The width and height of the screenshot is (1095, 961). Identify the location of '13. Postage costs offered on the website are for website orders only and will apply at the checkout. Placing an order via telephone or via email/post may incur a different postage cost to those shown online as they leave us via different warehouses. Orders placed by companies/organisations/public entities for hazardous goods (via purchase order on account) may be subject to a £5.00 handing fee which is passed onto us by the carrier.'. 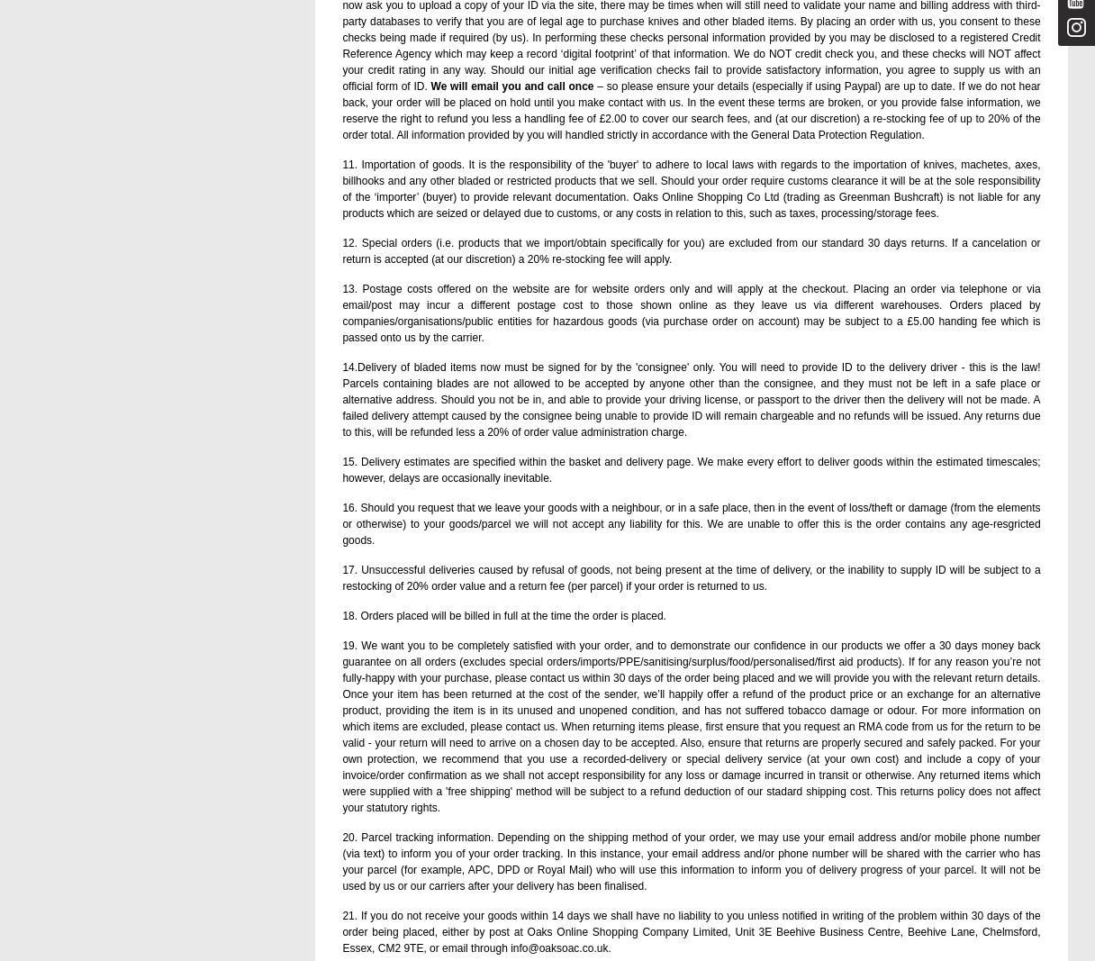
(691, 313).